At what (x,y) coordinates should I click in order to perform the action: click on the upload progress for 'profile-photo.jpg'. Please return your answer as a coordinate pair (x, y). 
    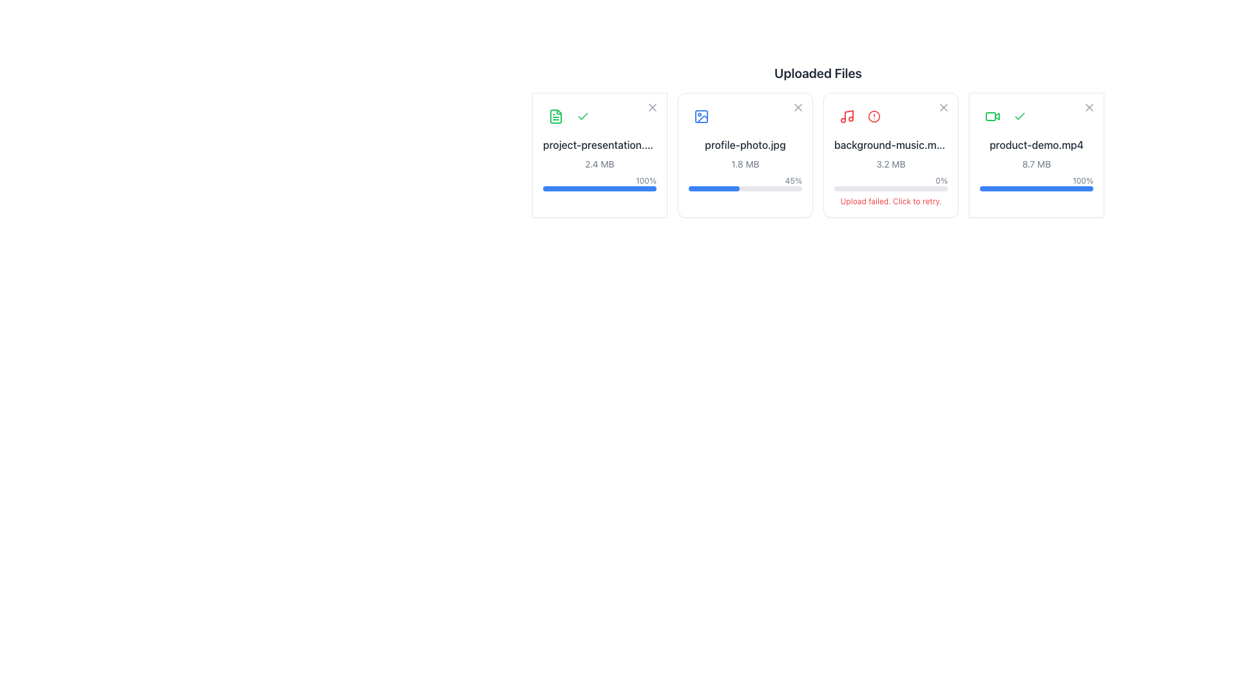
    Looking at the image, I should click on (752, 189).